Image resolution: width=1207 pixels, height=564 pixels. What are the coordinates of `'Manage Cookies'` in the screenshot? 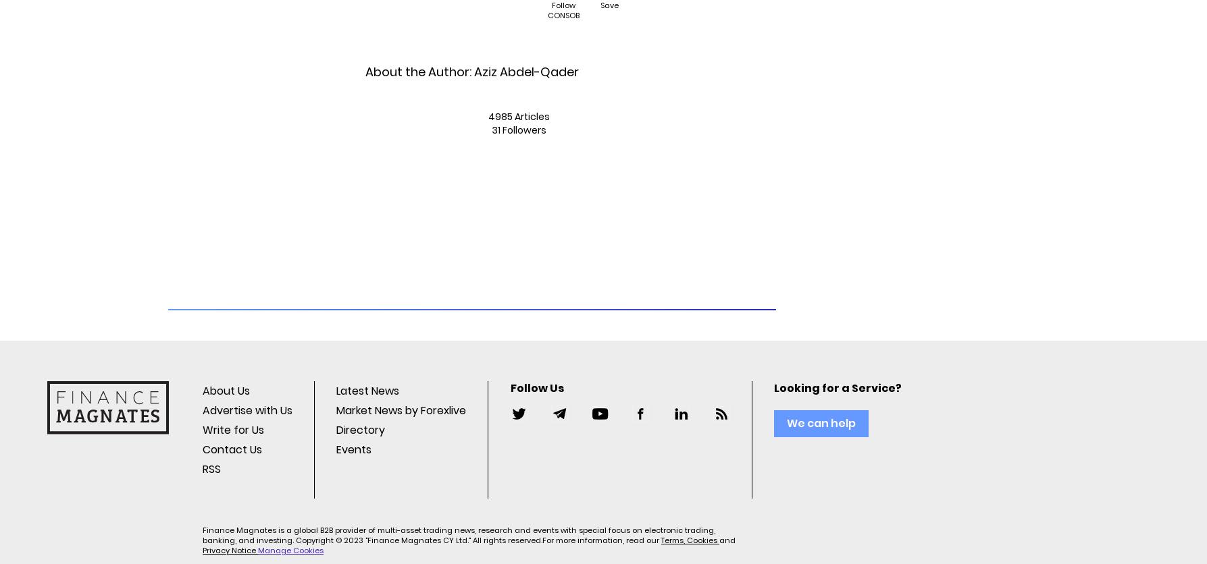 It's located at (290, 550).